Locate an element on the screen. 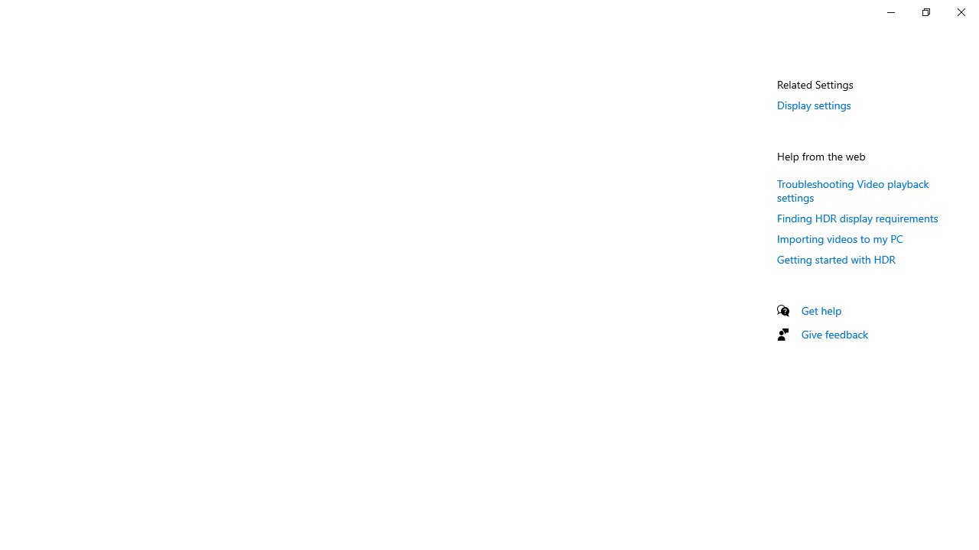 Image resolution: width=979 pixels, height=550 pixels. 'Importing videos to my PC' is located at coordinates (839, 238).